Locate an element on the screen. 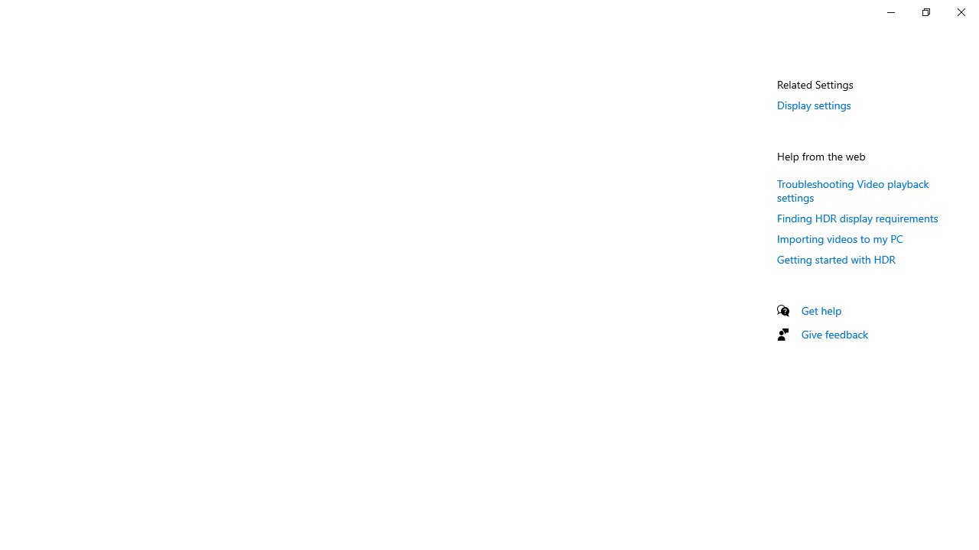 Image resolution: width=979 pixels, height=550 pixels. 'Importing videos to my PC' is located at coordinates (839, 238).